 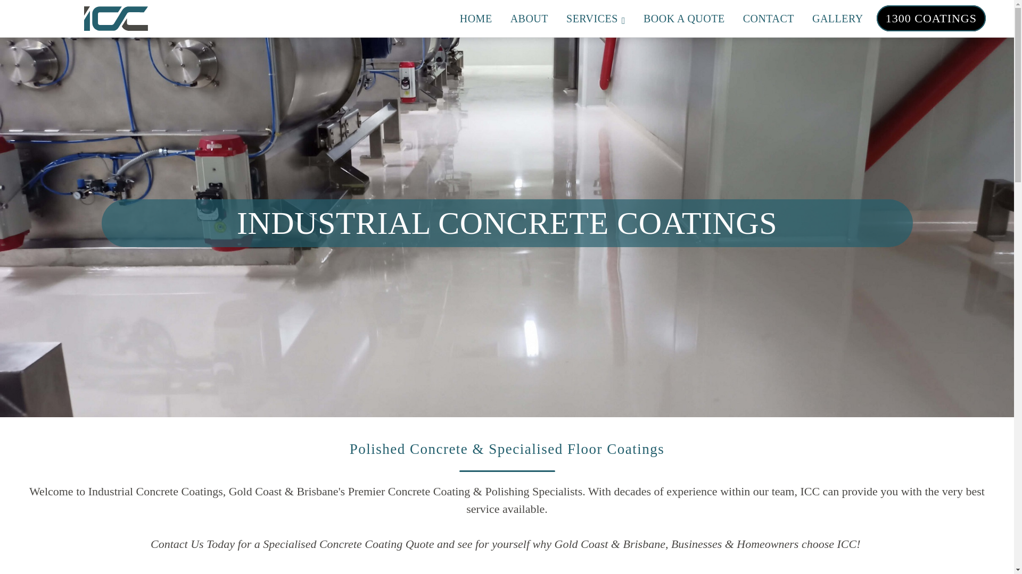 What do you see at coordinates (116, 19) in the screenshot?
I see `'Industrial Concrete Coatings'` at bounding box center [116, 19].